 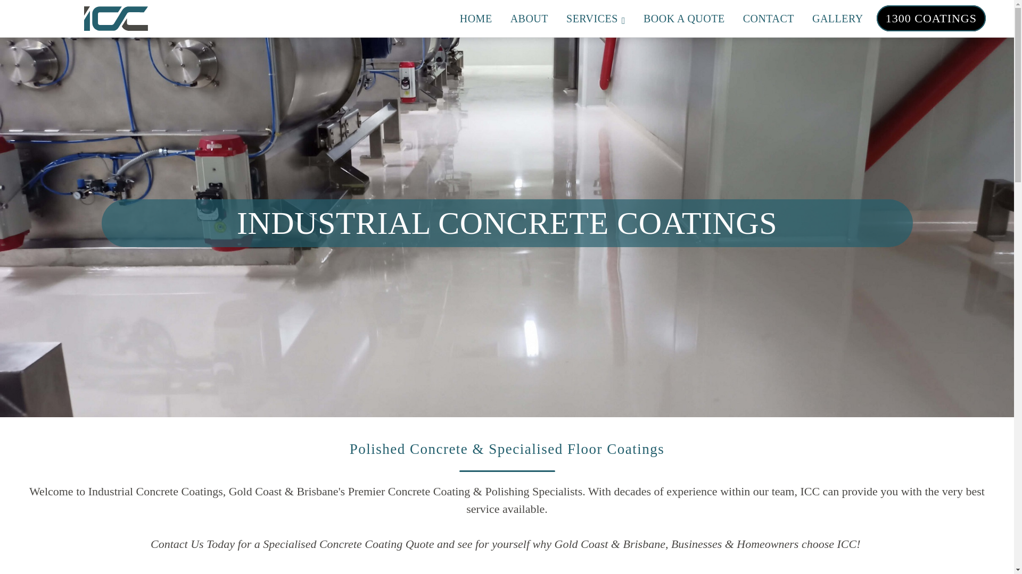 What do you see at coordinates (116, 19) in the screenshot?
I see `'Industrial Concrete Coatings'` at bounding box center [116, 19].